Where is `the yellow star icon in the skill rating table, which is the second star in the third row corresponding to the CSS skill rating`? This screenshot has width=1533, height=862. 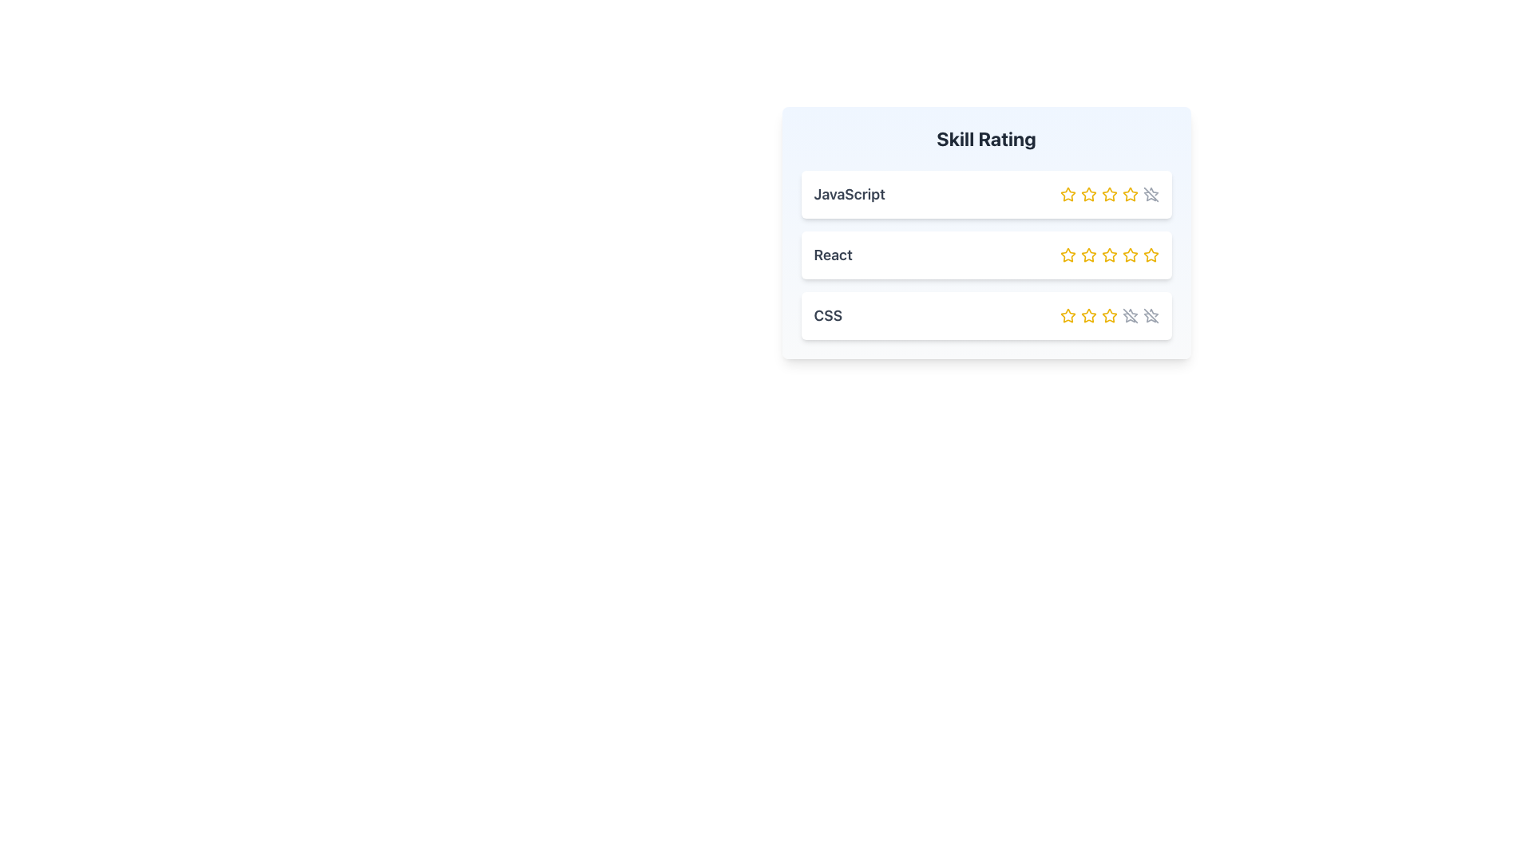
the yellow star icon in the skill rating table, which is the second star in the third row corresponding to the CSS skill rating is located at coordinates (1108, 315).